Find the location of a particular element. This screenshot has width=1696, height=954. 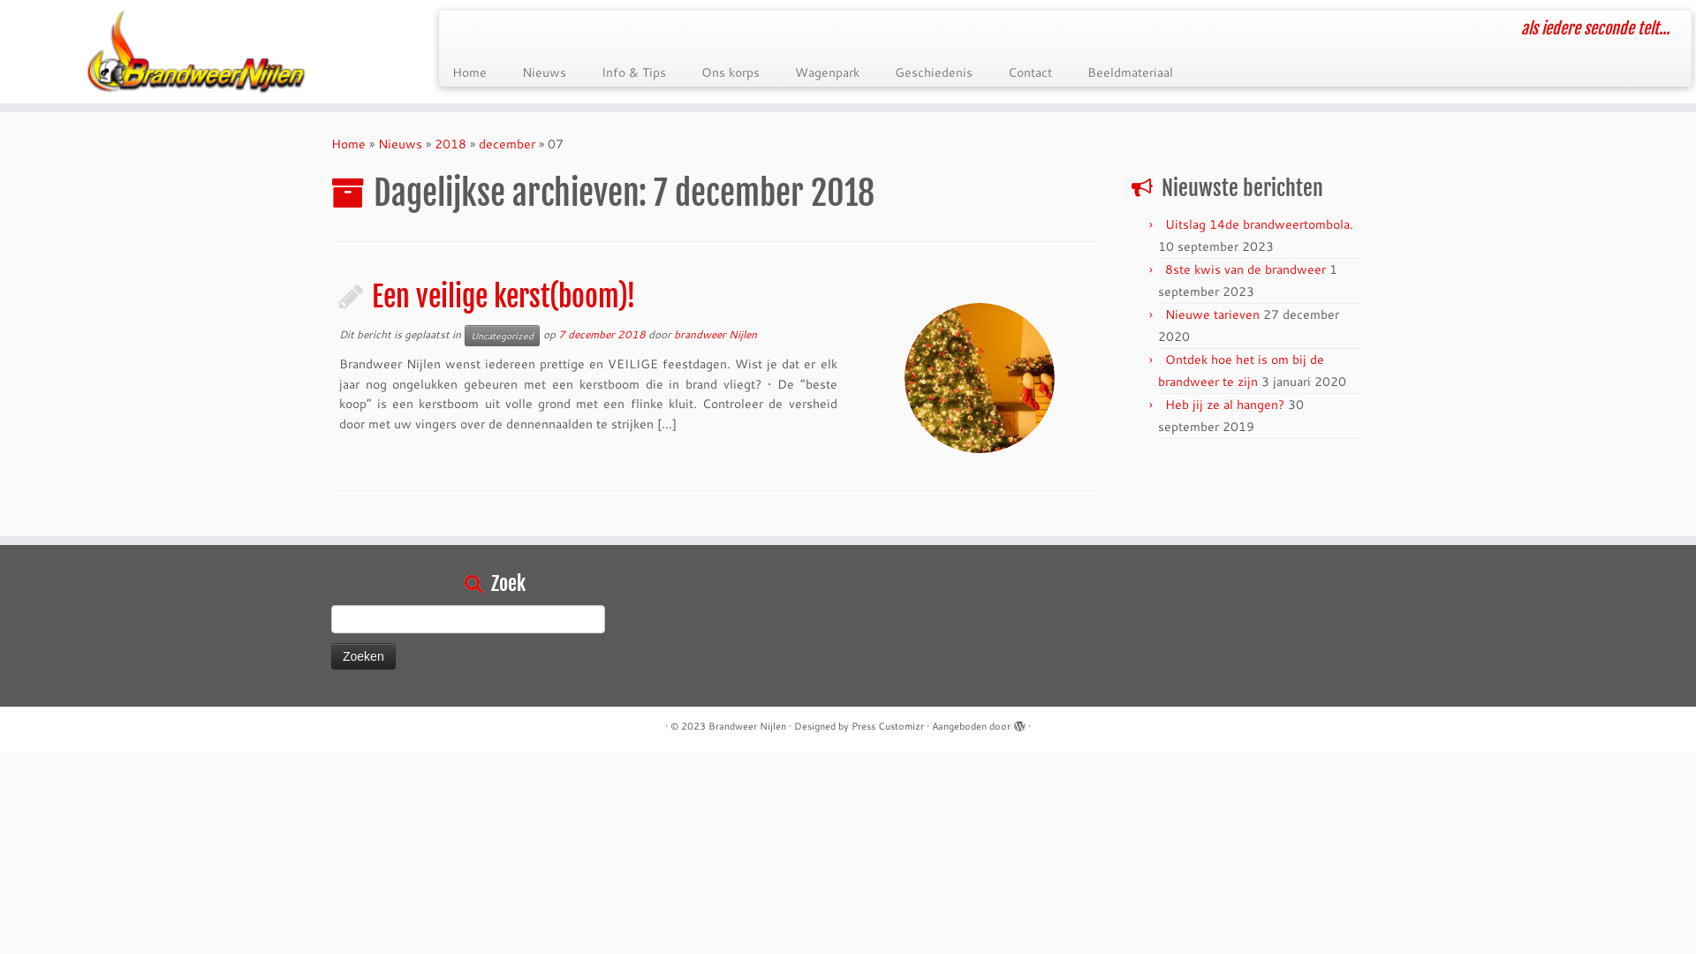

'Zoeken' is located at coordinates (330, 656).